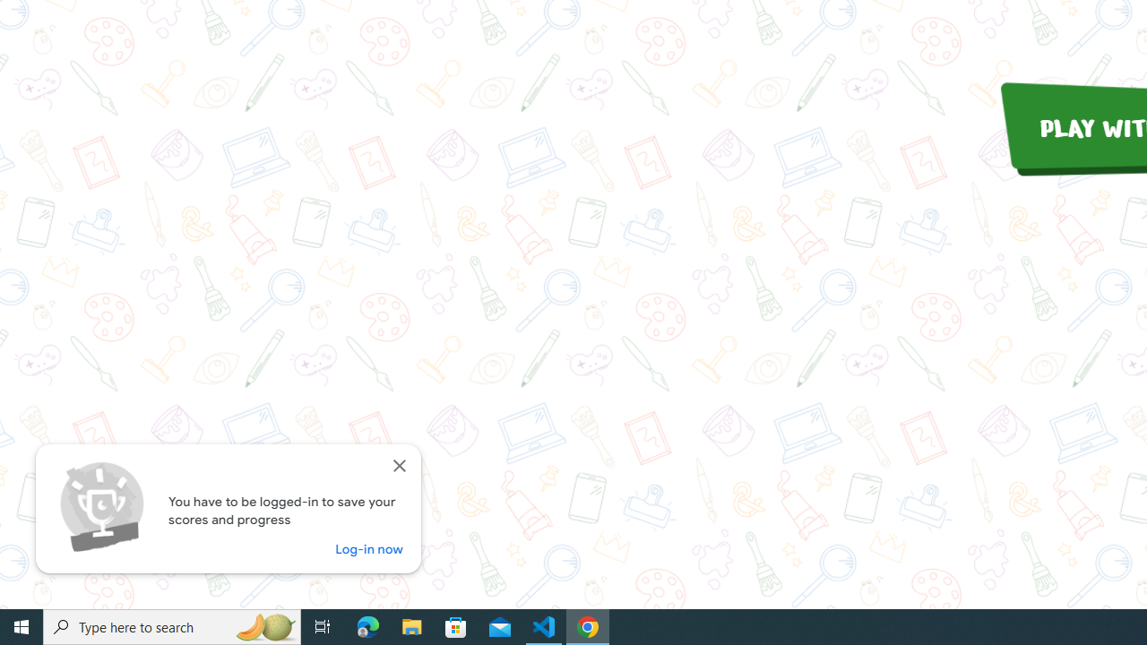  I want to click on 'Log-in now', so click(368, 547).